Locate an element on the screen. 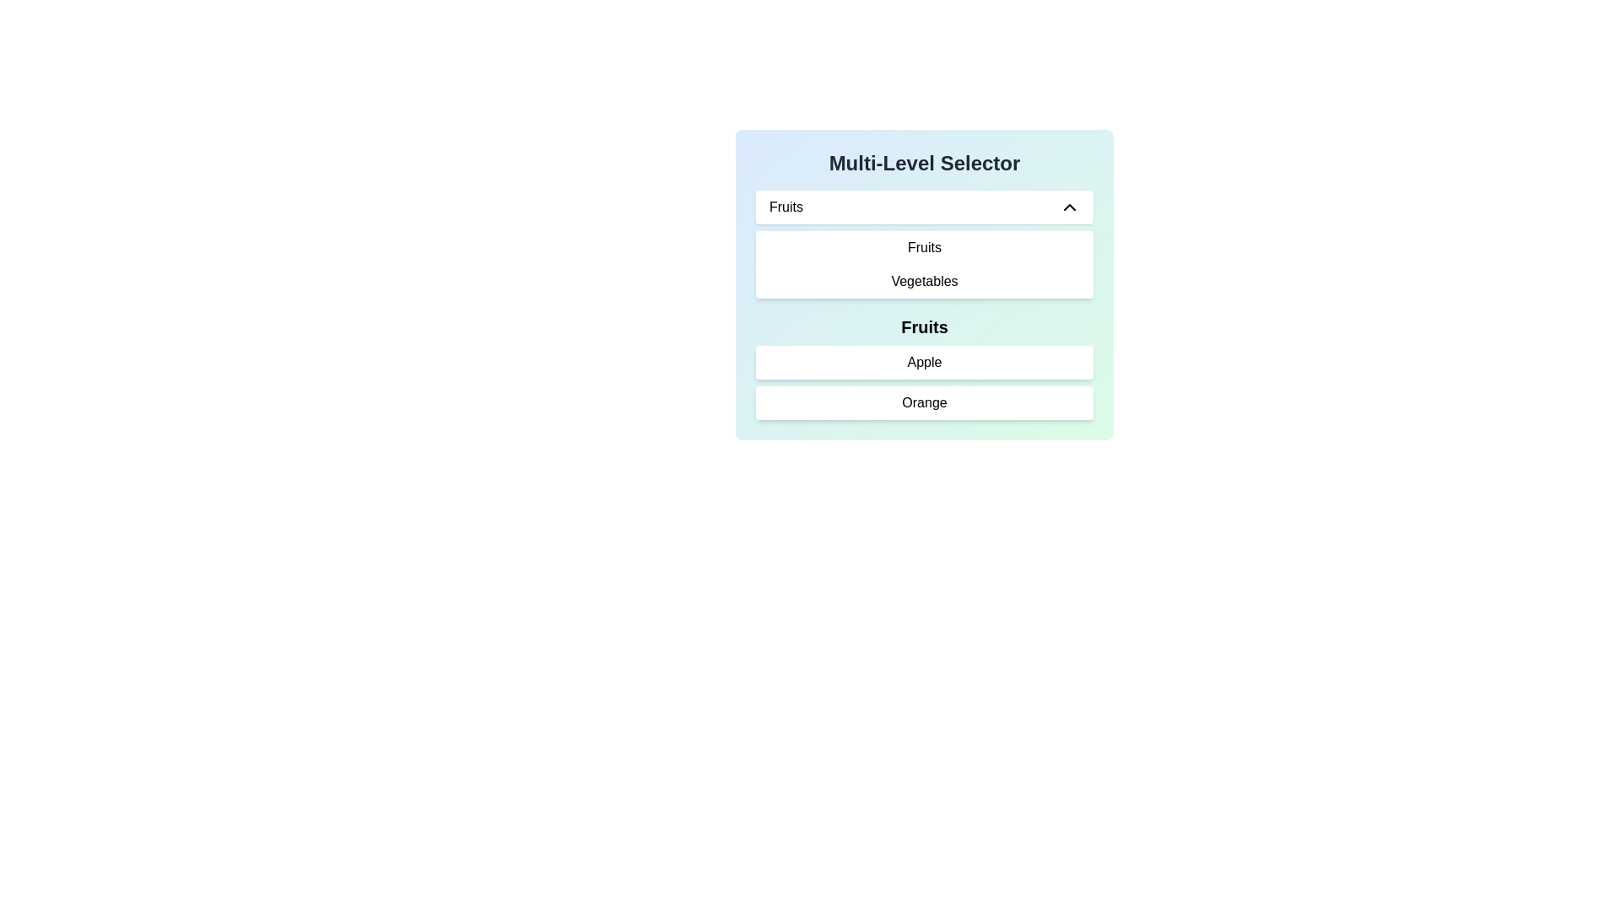 The height and width of the screenshot is (911, 1620). the first menu option labeled 'Fruits' in the dropdown list is located at coordinates (923, 247).